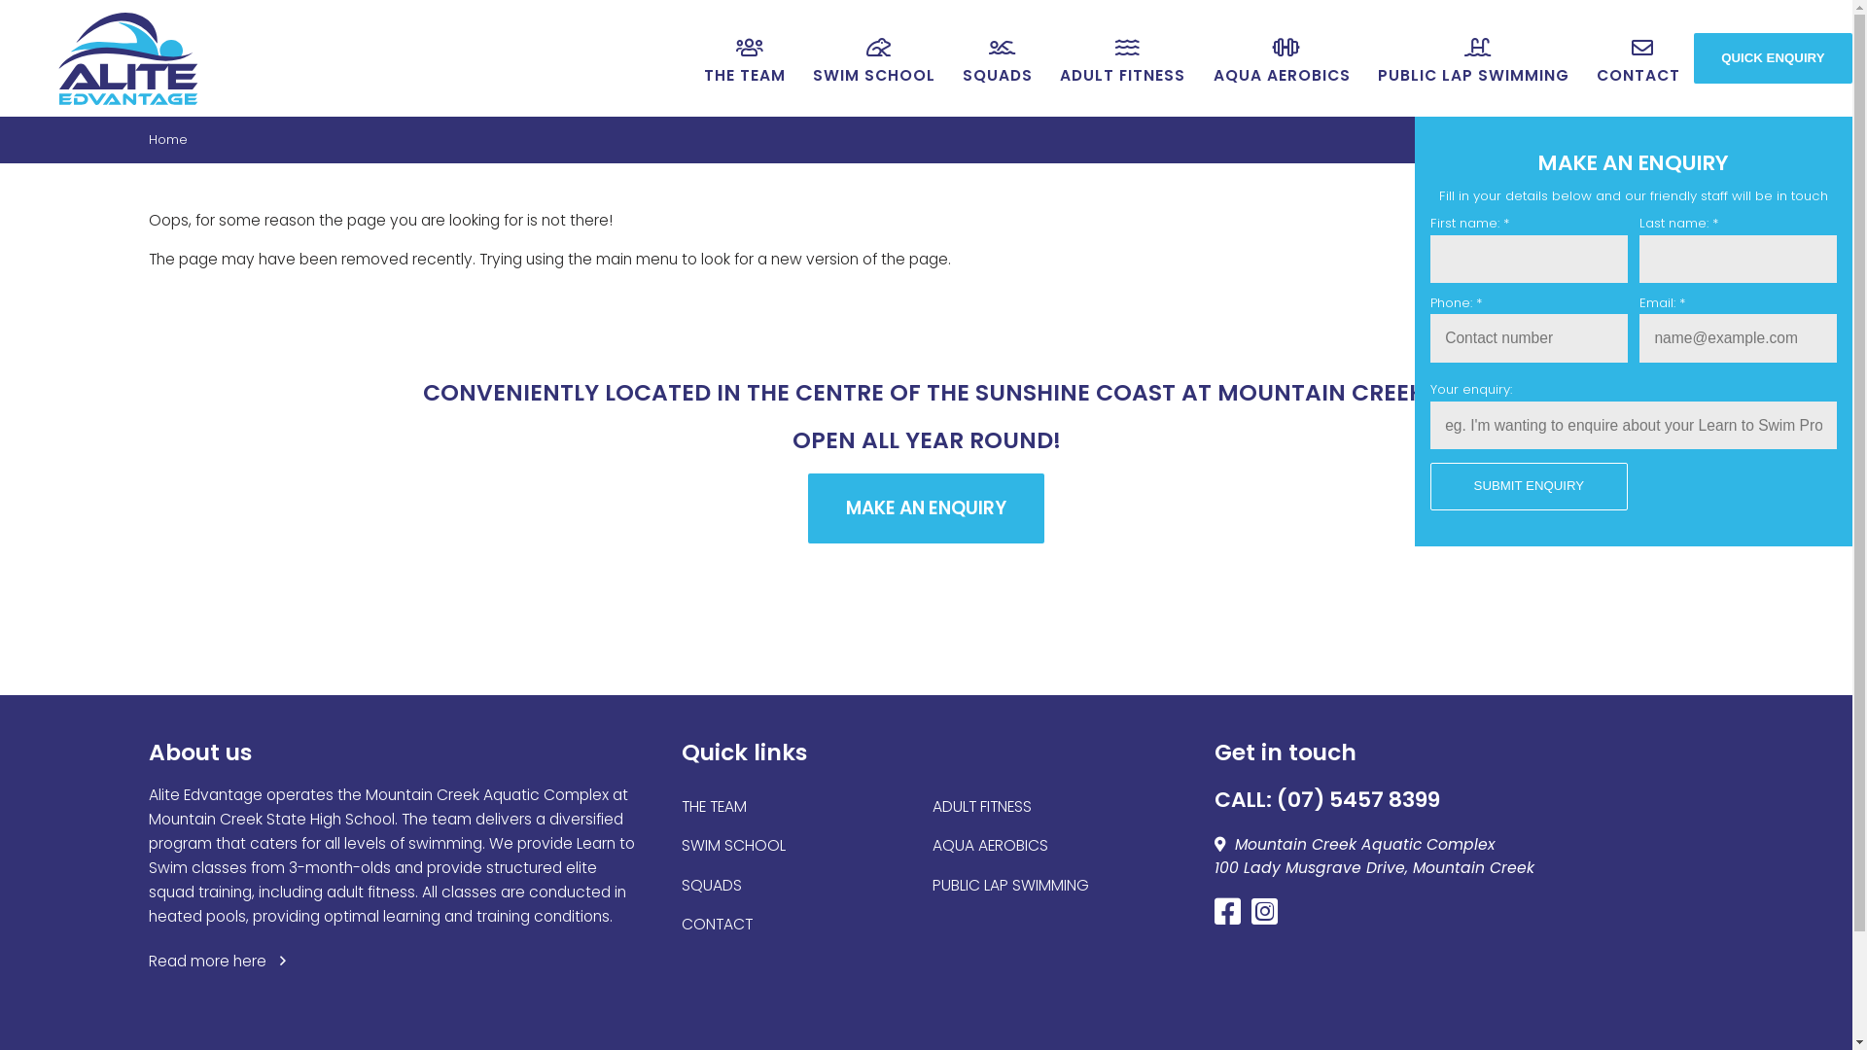  What do you see at coordinates (1529, 486) in the screenshot?
I see `'Submit Enquiry'` at bounding box center [1529, 486].